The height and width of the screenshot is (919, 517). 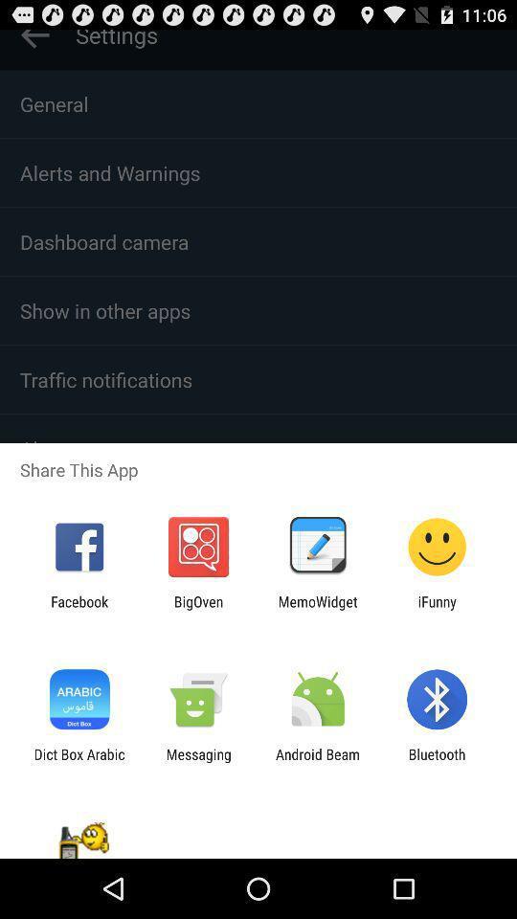 I want to click on the android beam, so click(x=318, y=762).